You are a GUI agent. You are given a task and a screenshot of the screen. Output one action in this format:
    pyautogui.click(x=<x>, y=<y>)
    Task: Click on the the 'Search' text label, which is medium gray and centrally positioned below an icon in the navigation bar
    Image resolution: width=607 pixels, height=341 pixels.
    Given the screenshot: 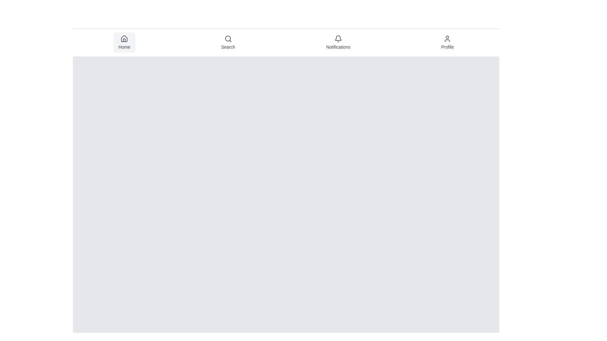 What is the action you would take?
    pyautogui.click(x=228, y=47)
    